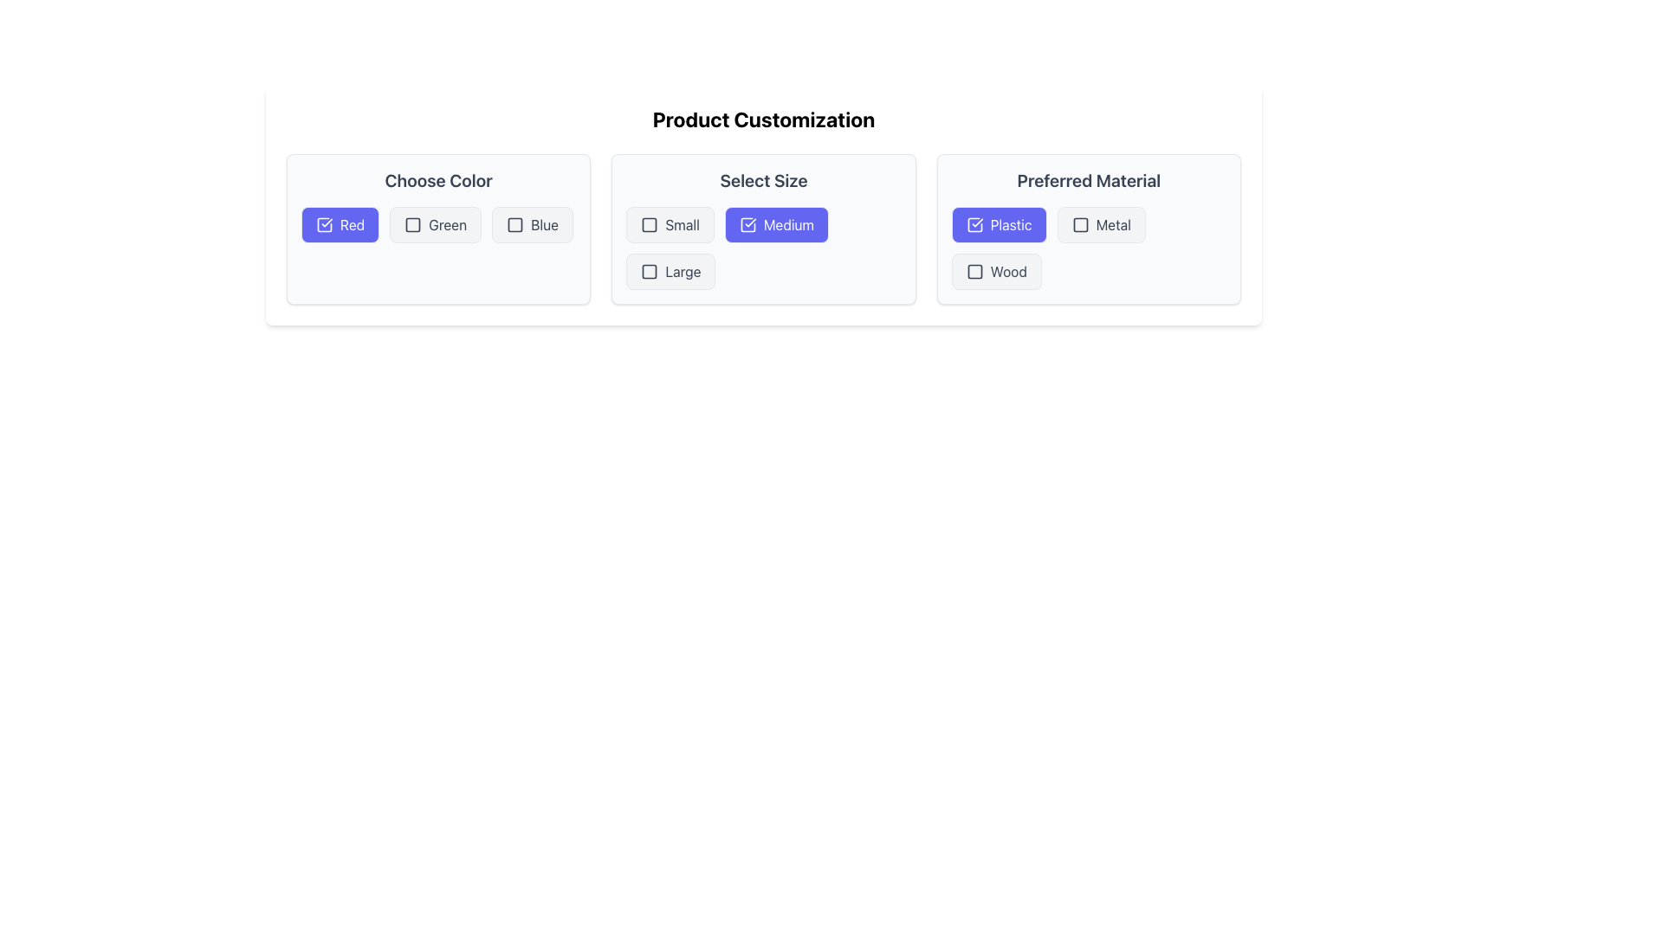 The image size is (1663, 935). I want to click on the 'Medium' size selection button, so click(763, 248).